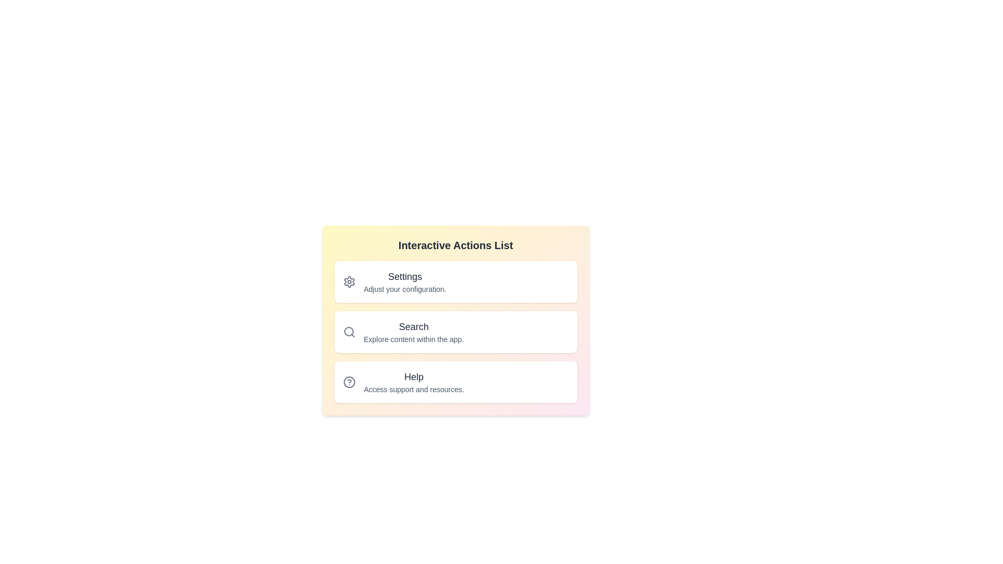 The image size is (1003, 564). What do you see at coordinates (456, 382) in the screenshot?
I see `the 'Help' item in the list to access support and resources` at bounding box center [456, 382].